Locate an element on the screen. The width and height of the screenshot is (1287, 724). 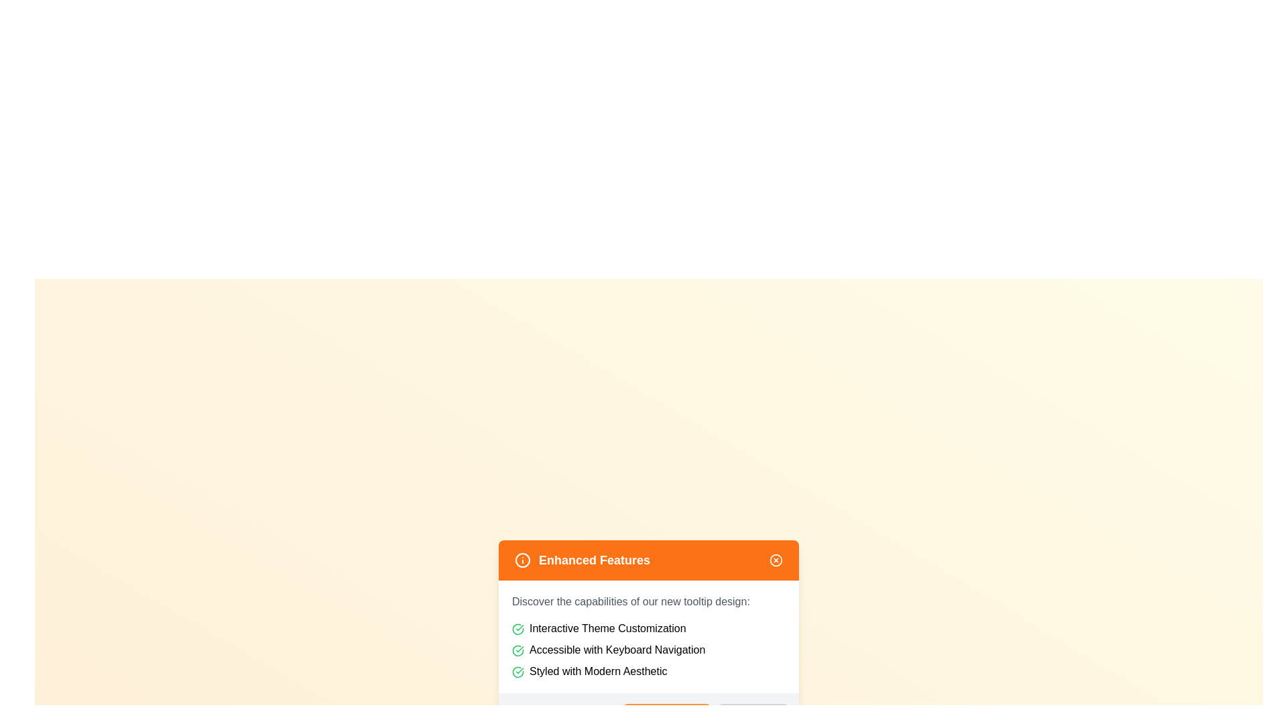
the confirmation icon located to the left of the text 'Styled with Modern Aesthetic' in the tooltip card titled 'Enhanced Features' is located at coordinates (517, 672).